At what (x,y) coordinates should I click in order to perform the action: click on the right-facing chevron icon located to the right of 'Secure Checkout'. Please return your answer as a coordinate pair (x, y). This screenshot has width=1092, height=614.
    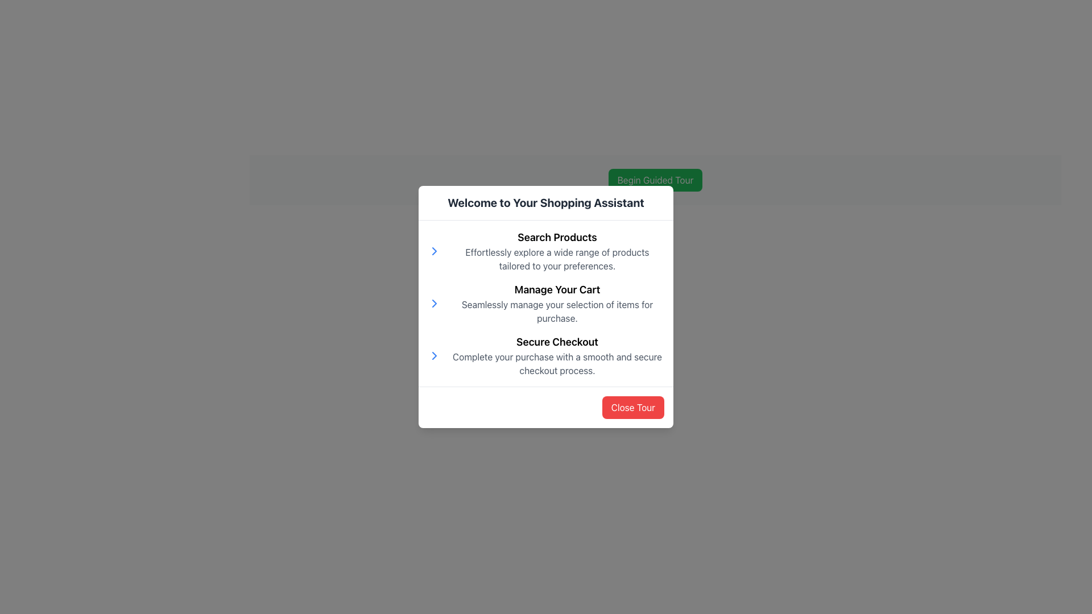
    Looking at the image, I should click on (433, 355).